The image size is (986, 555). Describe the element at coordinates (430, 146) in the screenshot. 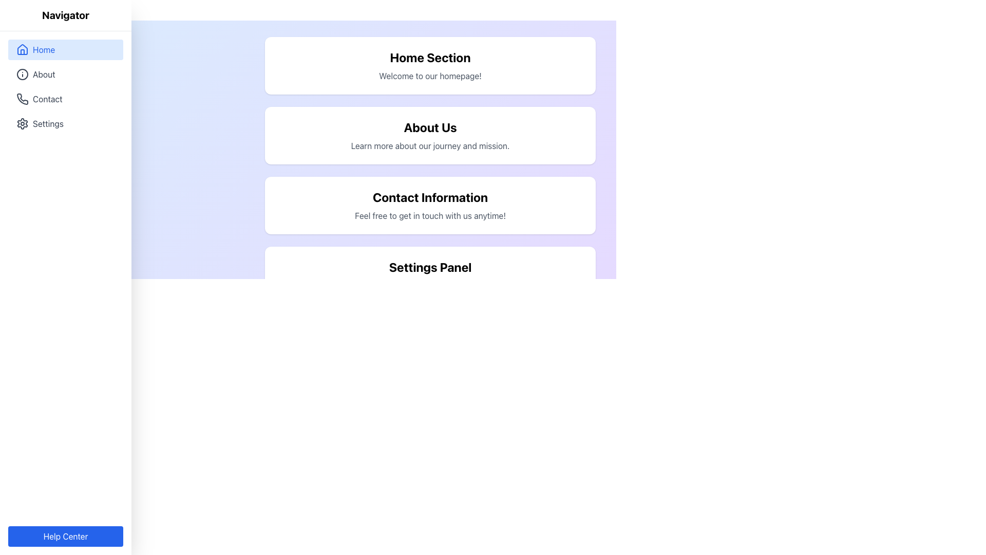

I see `subtitle text 'Learn more about our journey and mission.' located directly below the 'About Us' heading` at that location.